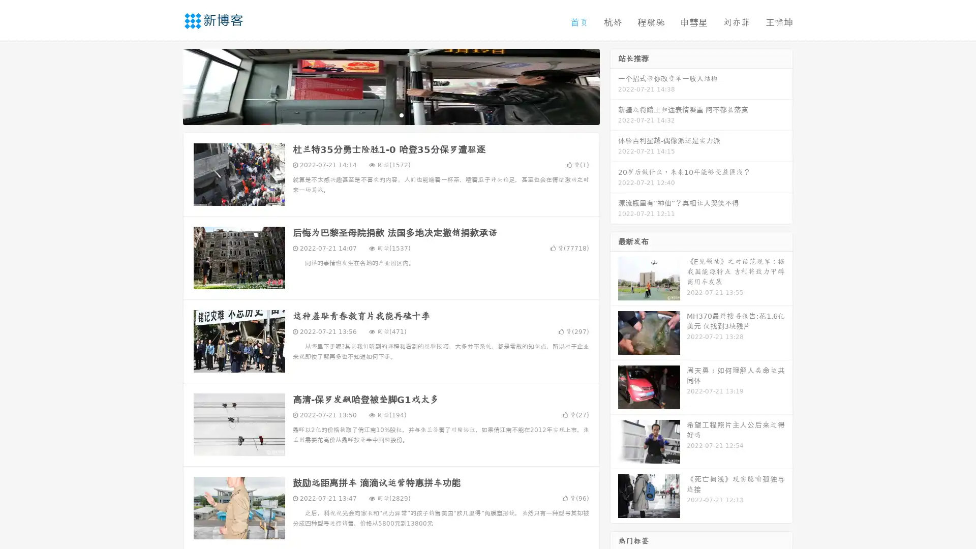 Image resolution: width=976 pixels, height=549 pixels. I want to click on Go to slide 3, so click(401, 114).